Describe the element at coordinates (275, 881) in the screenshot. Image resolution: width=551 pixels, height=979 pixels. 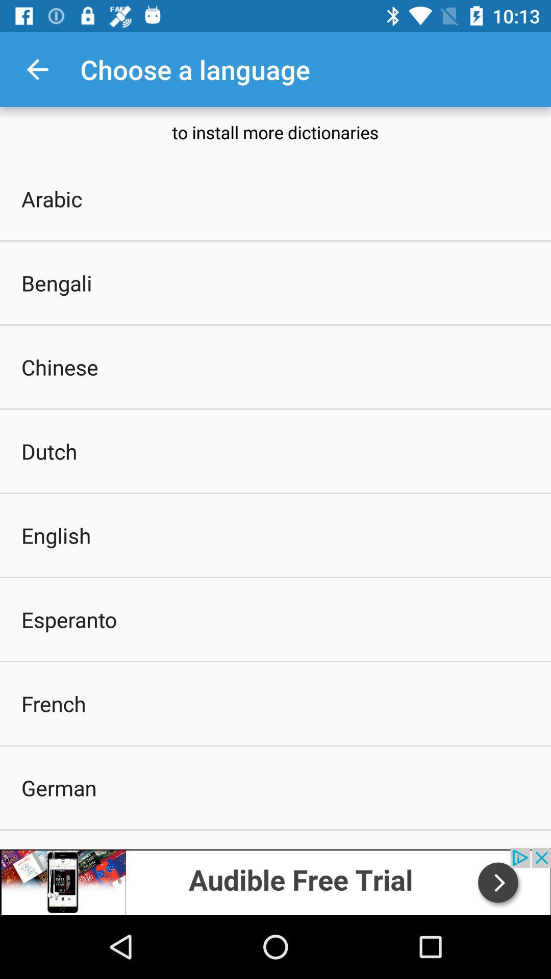
I see `share link` at that location.